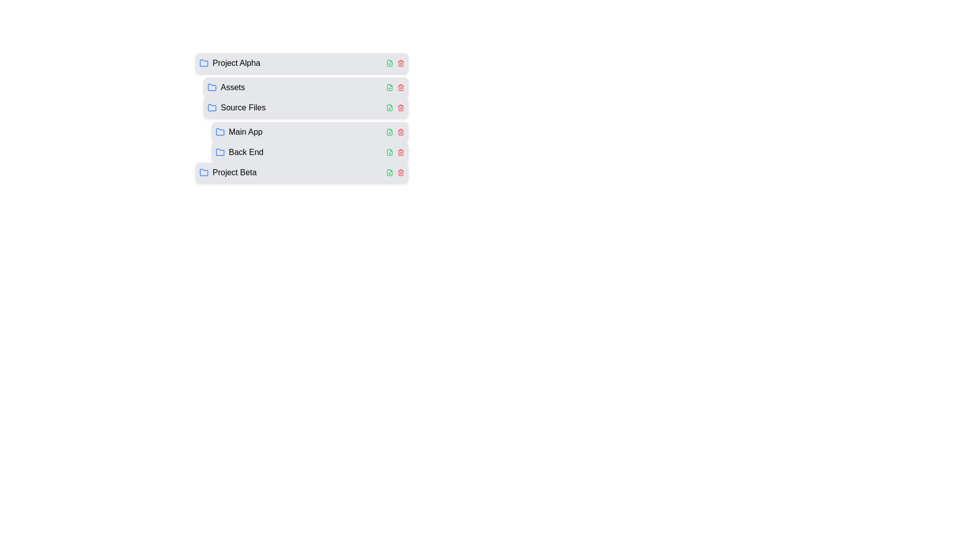 This screenshot has width=972, height=547. I want to click on the folder icon with wavy blue strokes, located adjacent, so click(220, 131).